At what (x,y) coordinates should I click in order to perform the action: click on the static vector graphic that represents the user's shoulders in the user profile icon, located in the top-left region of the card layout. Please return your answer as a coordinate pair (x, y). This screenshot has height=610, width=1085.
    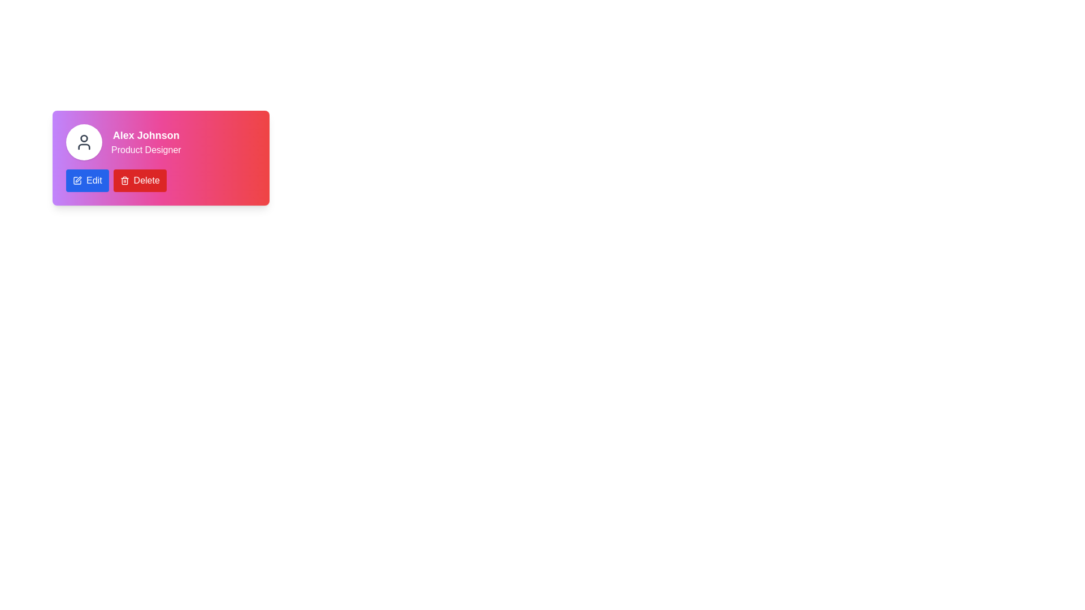
    Looking at the image, I should click on (83, 146).